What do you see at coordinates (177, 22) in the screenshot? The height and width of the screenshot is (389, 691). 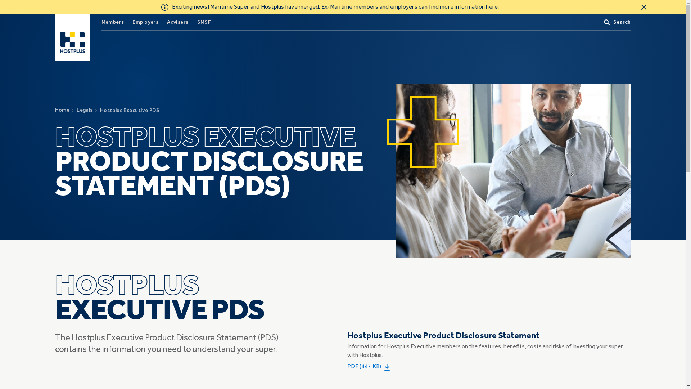 I see `'Advisers'` at bounding box center [177, 22].